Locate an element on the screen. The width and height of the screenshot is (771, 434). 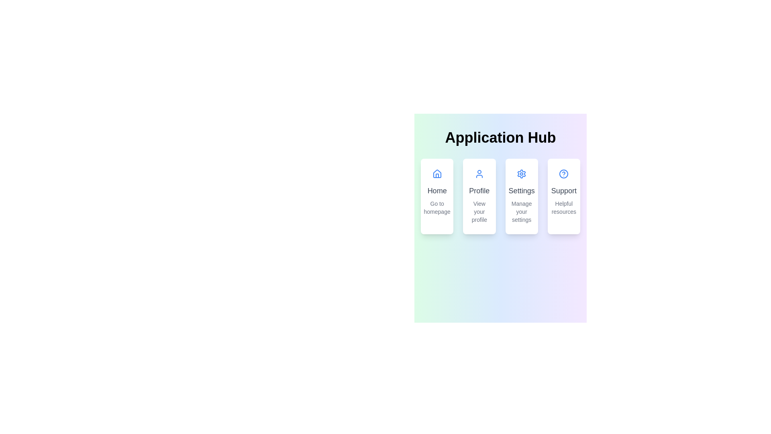
the 'Support' header text element which is part of the fourth card in a horizontal row, styled with a medium-sized bold dark gray font is located at coordinates (563, 190).